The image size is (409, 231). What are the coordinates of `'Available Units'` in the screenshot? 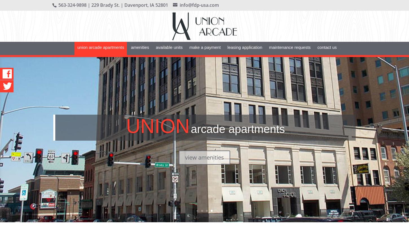 It's located at (156, 55).